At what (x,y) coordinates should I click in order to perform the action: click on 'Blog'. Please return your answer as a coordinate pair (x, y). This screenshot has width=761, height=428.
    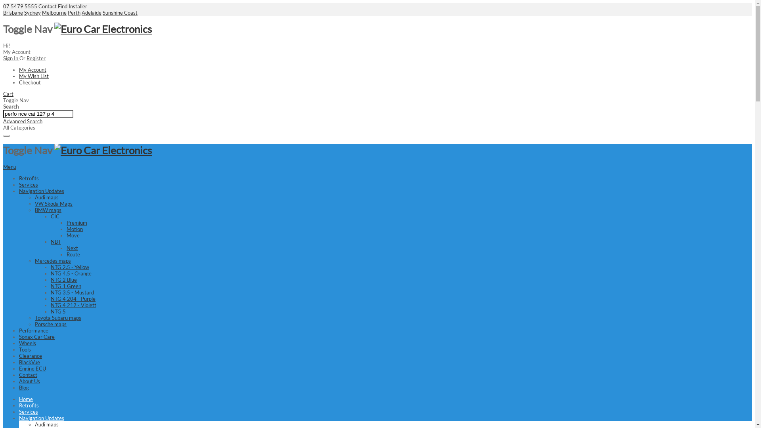
    Looking at the image, I should click on (19, 387).